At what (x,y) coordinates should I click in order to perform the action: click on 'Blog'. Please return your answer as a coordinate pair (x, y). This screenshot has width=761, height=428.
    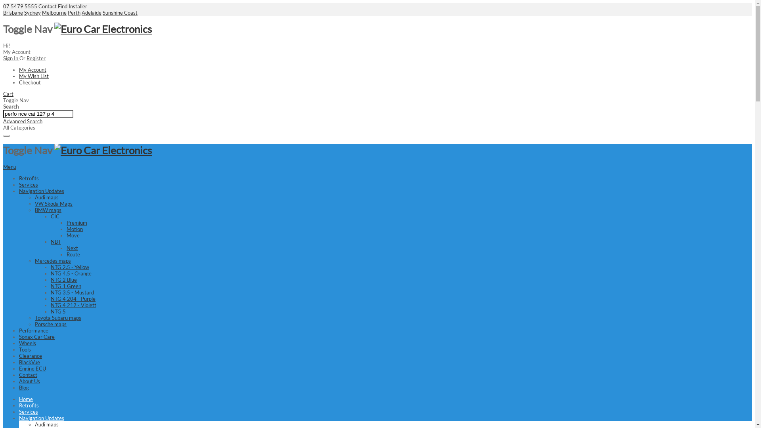
    Looking at the image, I should click on (19, 387).